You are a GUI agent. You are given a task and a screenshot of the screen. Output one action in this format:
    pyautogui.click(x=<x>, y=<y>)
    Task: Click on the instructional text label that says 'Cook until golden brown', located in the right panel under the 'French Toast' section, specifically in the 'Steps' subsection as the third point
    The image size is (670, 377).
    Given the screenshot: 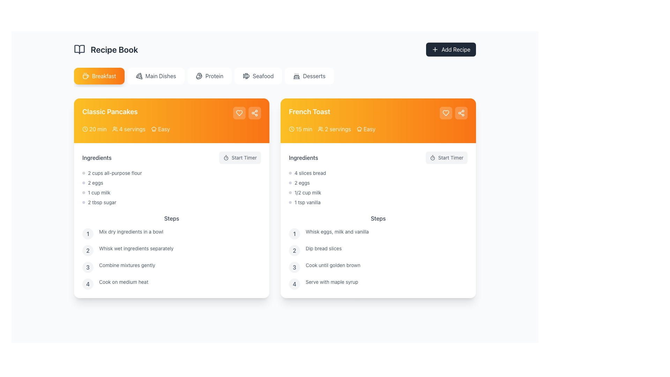 What is the action you would take?
    pyautogui.click(x=333, y=267)
    